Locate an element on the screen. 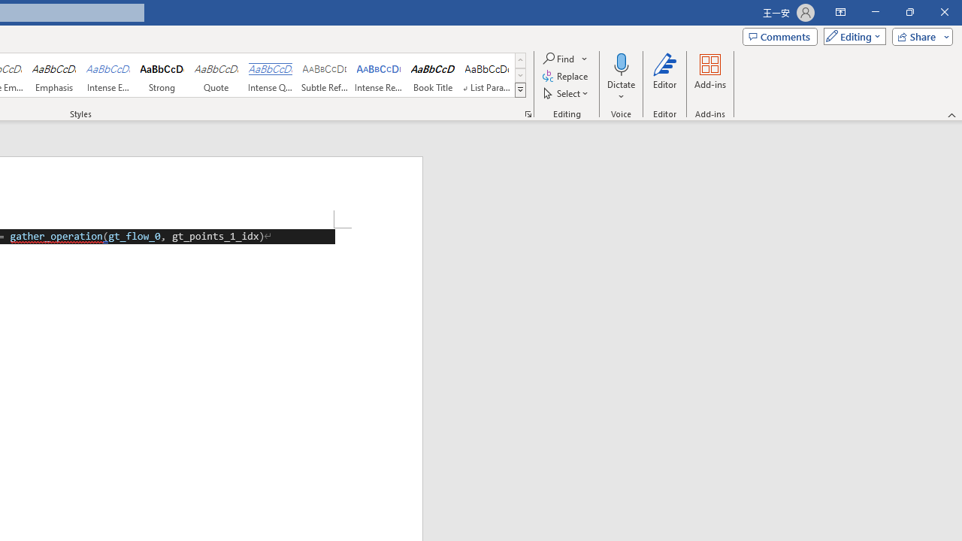 The width and height of the screenshot is (962, 541). 'Strong' is located at coordinates (162, 75).